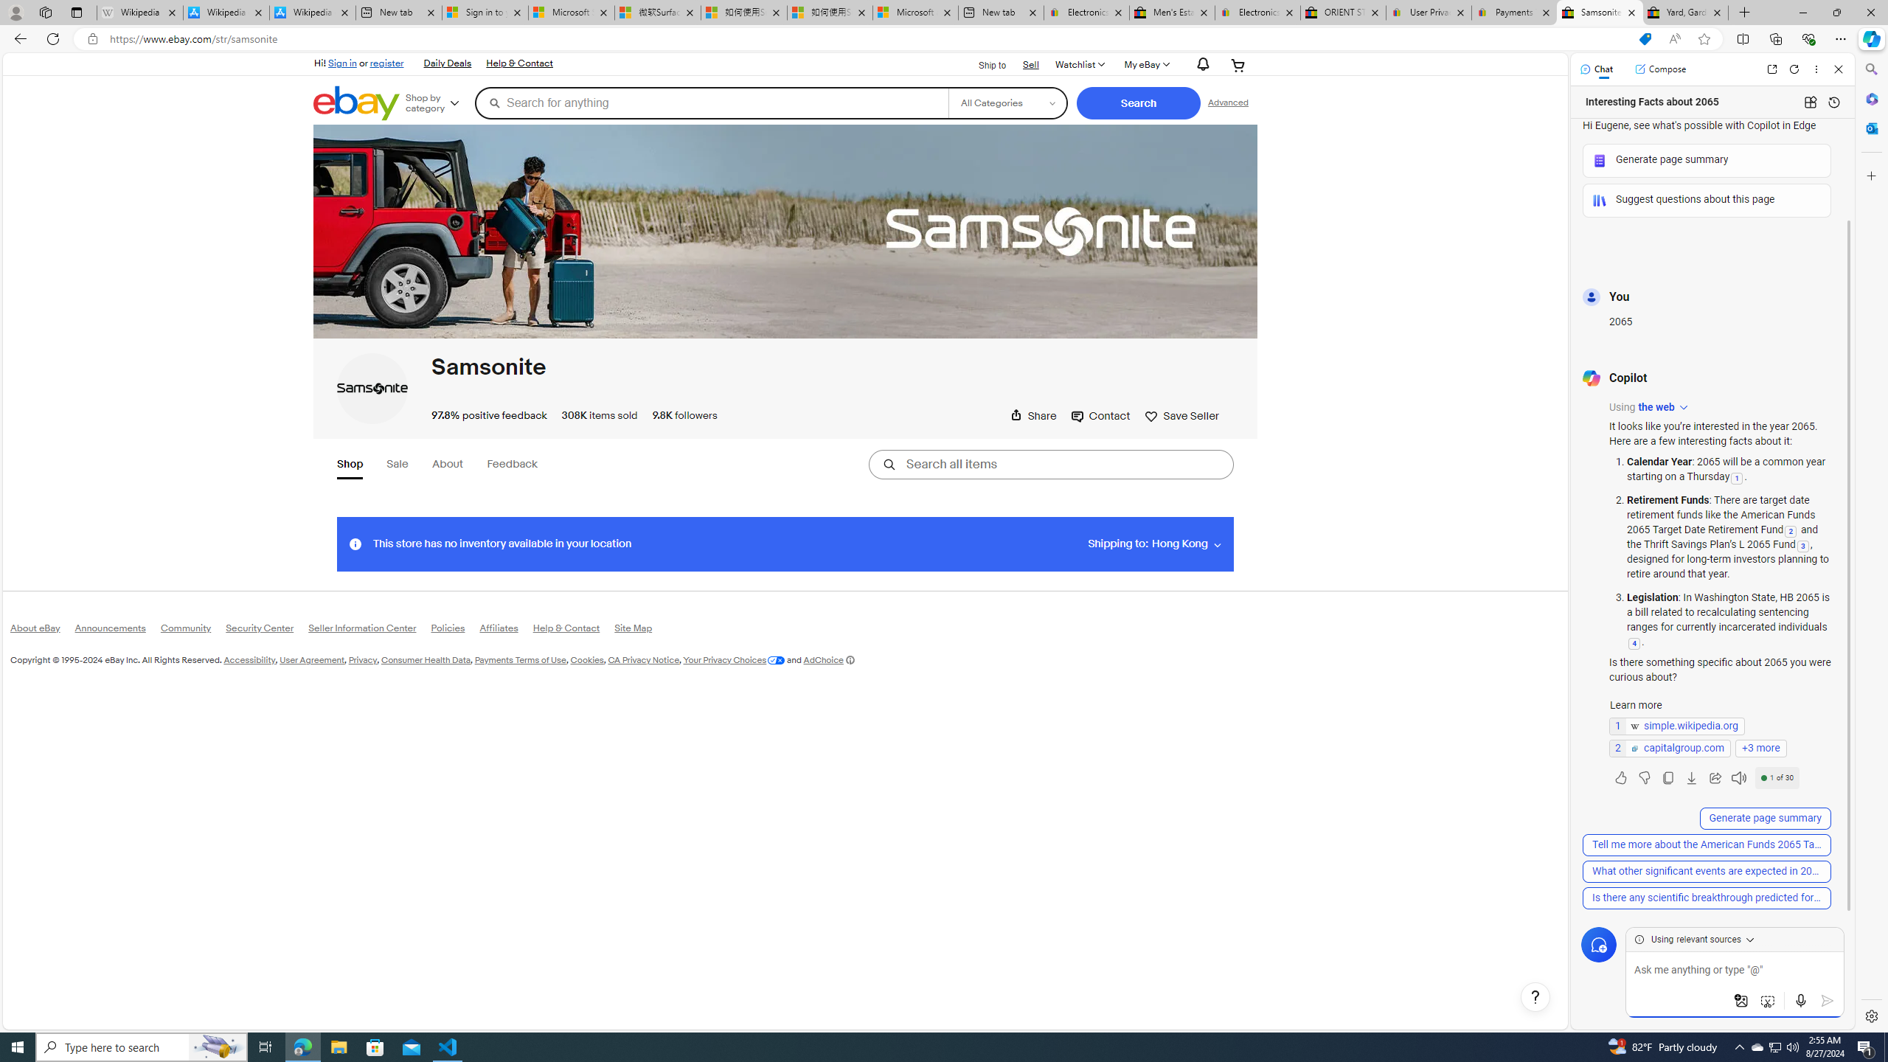 The image size is (1888, 1062). What do you see at coordinates (1200, 65) in the screenshot?
I see `'AutomationID: gh-eb-Alerts'` at bounding box center [1200, 65].